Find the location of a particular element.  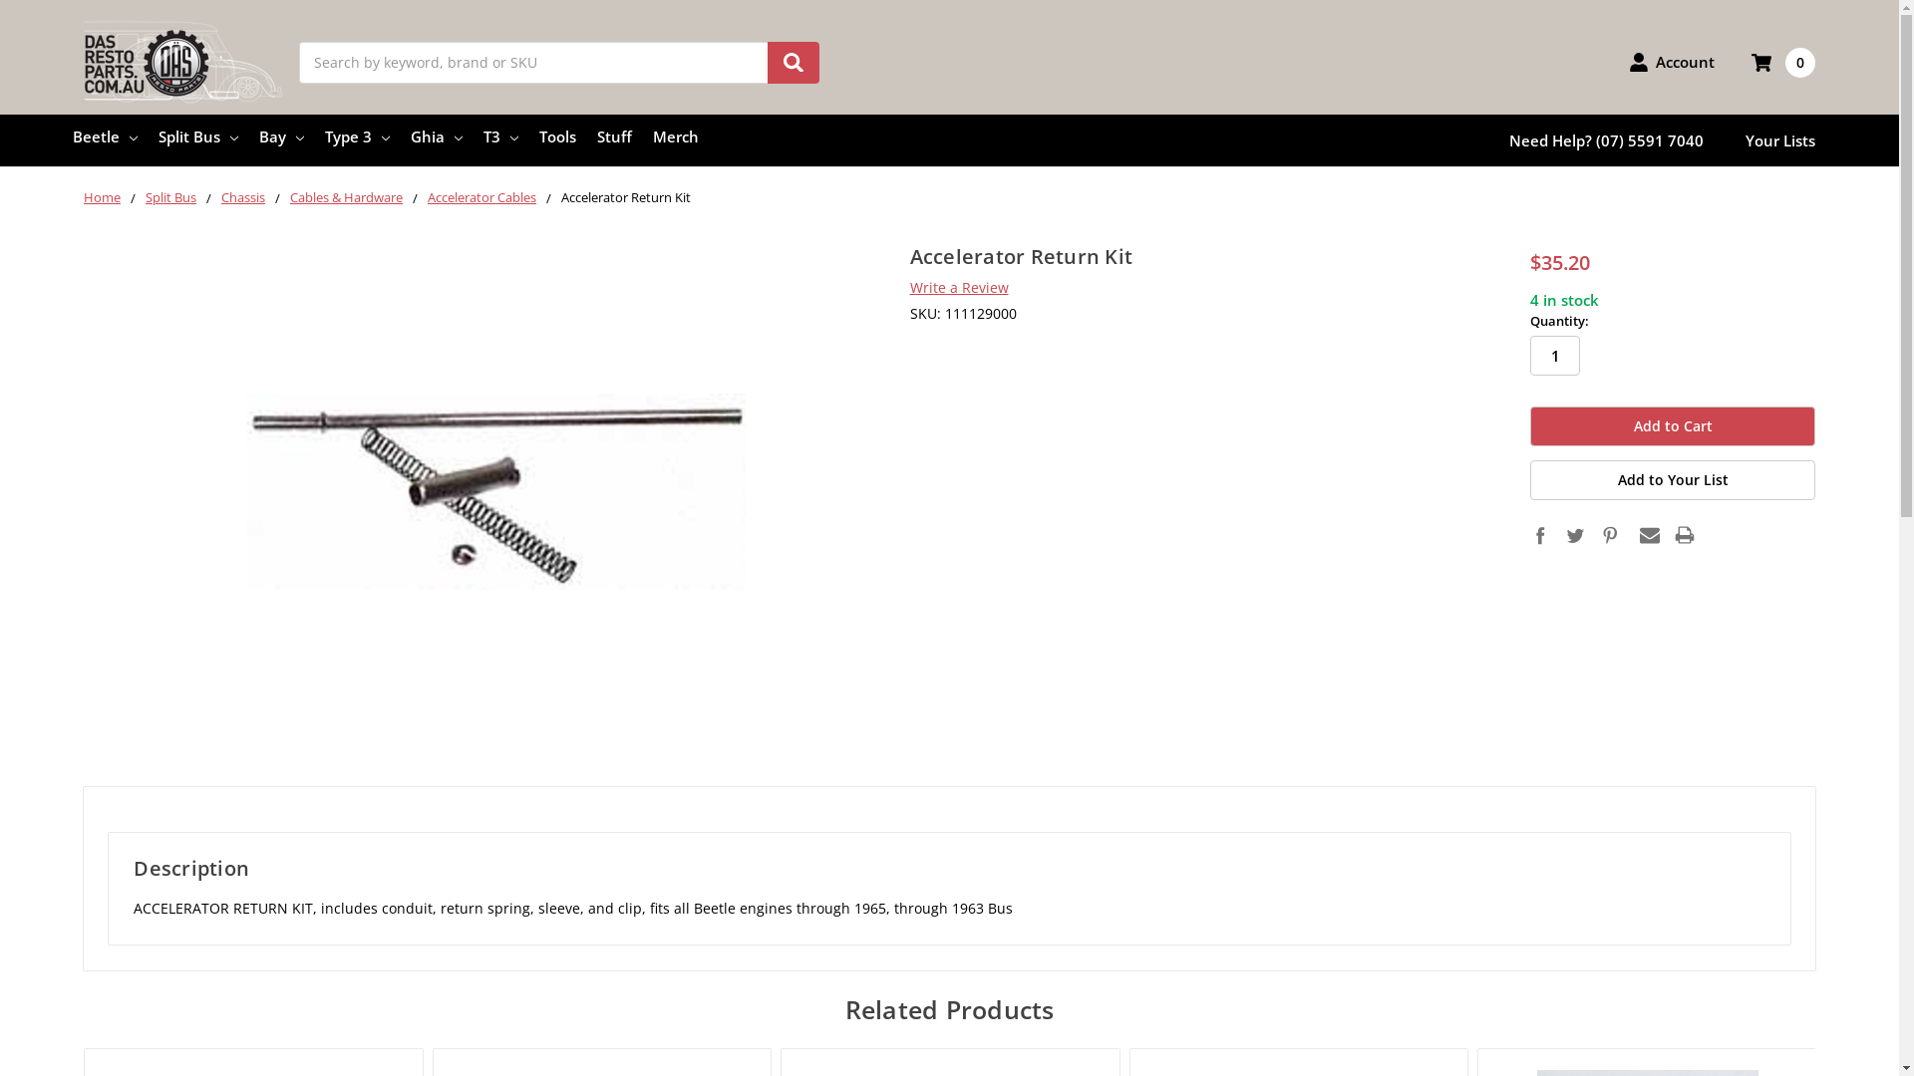

'Your Lists' is located at coordinates (1779, 139).